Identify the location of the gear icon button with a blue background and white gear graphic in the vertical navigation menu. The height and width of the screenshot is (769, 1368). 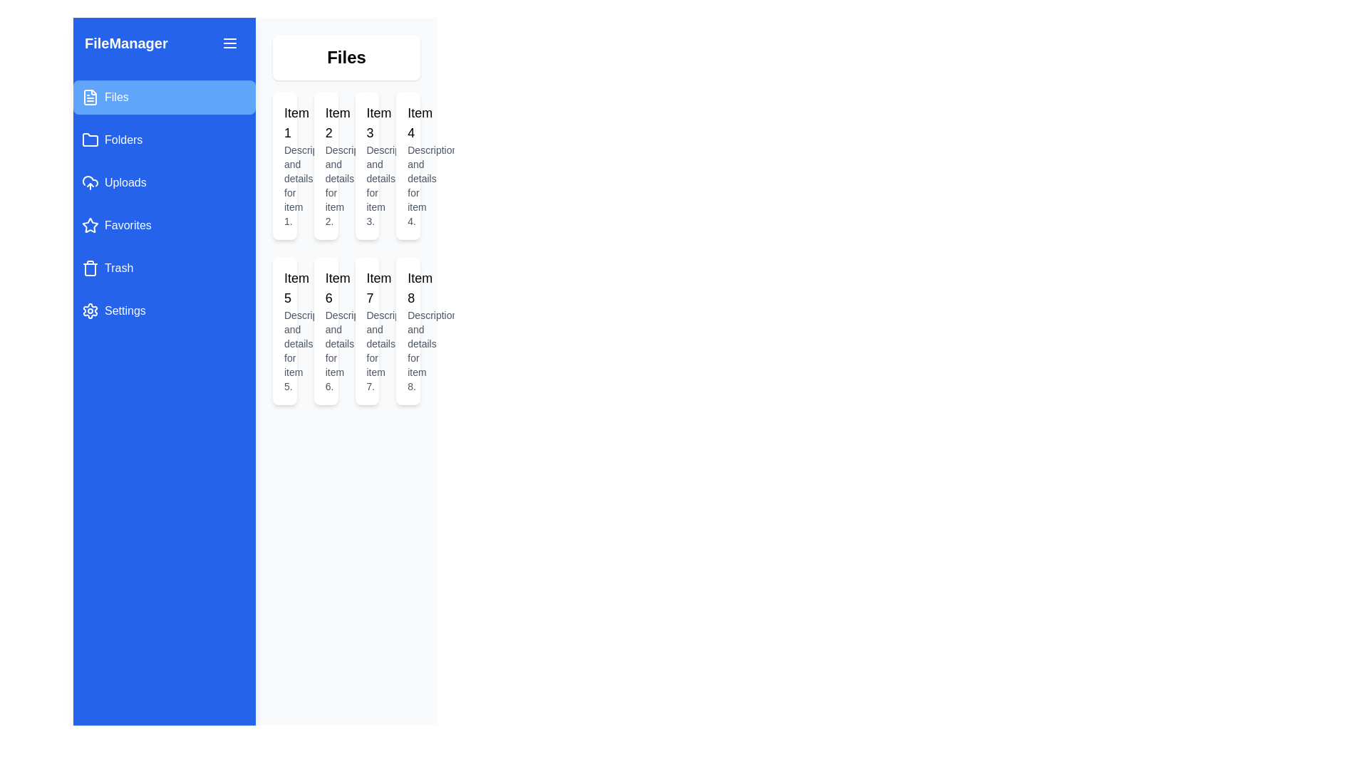
(89, 310).